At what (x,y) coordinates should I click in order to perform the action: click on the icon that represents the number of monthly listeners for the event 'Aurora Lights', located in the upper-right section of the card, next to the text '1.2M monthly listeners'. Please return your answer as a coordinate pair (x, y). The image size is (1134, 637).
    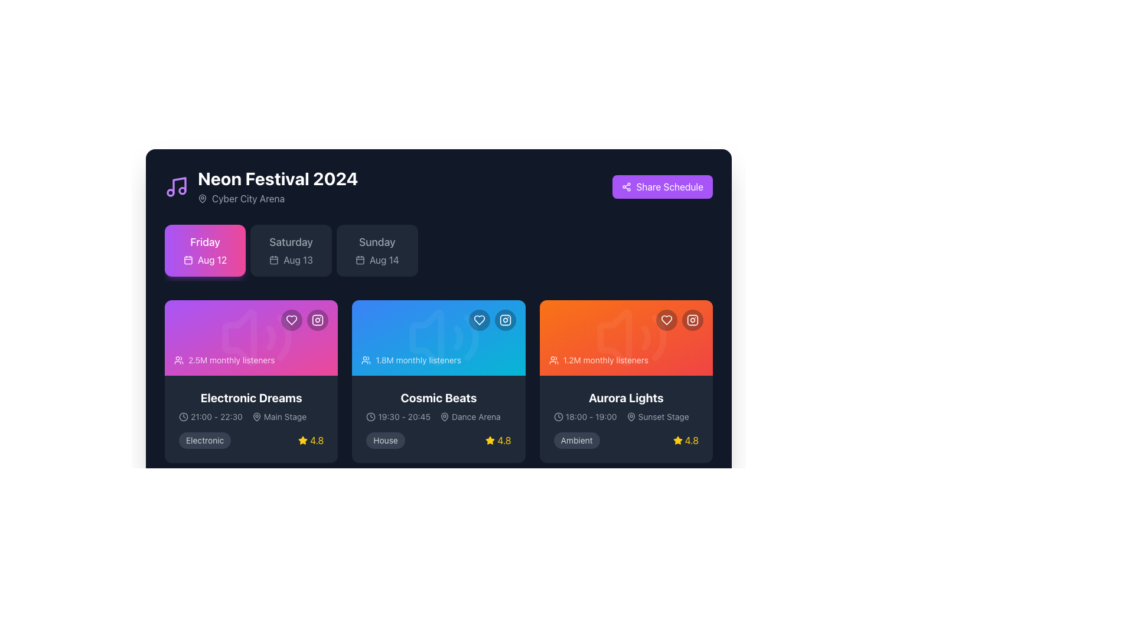
    Looking at the image, I should click on (553, 359).